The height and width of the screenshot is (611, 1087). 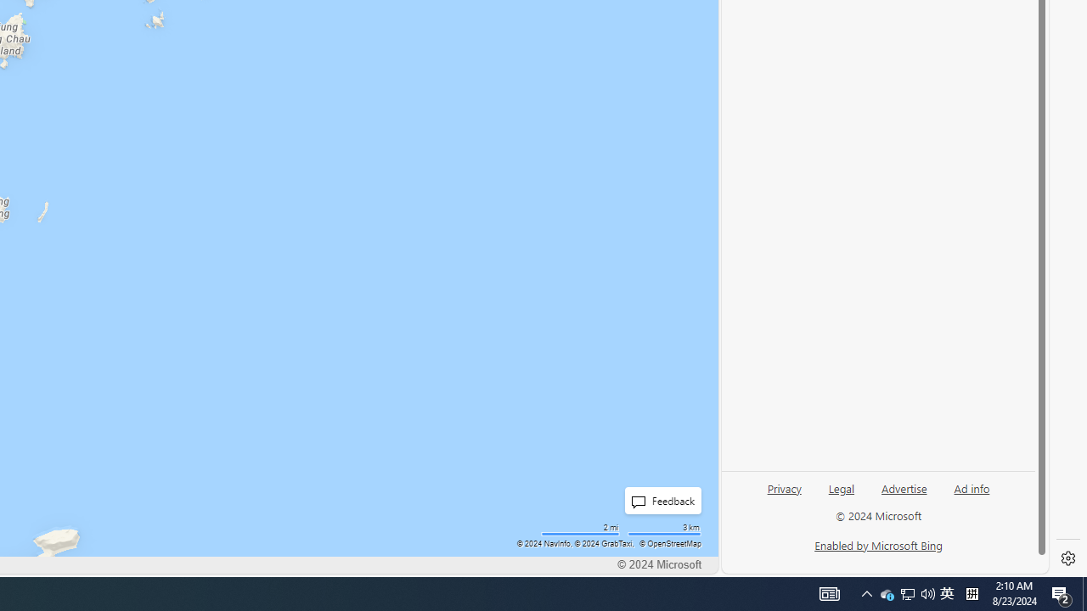 What do you see at coordinates (783, 495) in the screenshot?
I see `'Privacy'` at bounding box center [783, 495].